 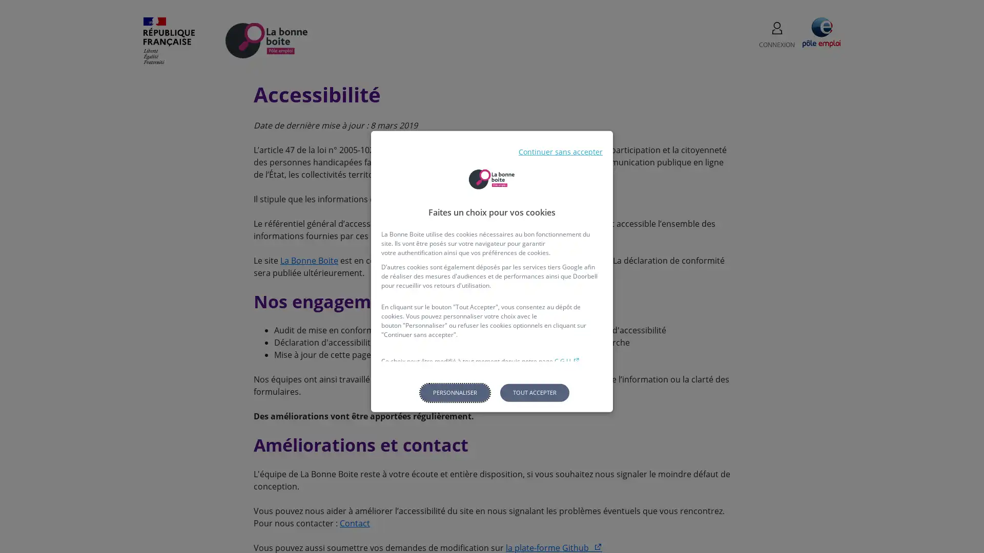 What do you see at coordinates (534, 392) in the screenshot?
I see `Tout accepter` at bounding box center [534, 392].